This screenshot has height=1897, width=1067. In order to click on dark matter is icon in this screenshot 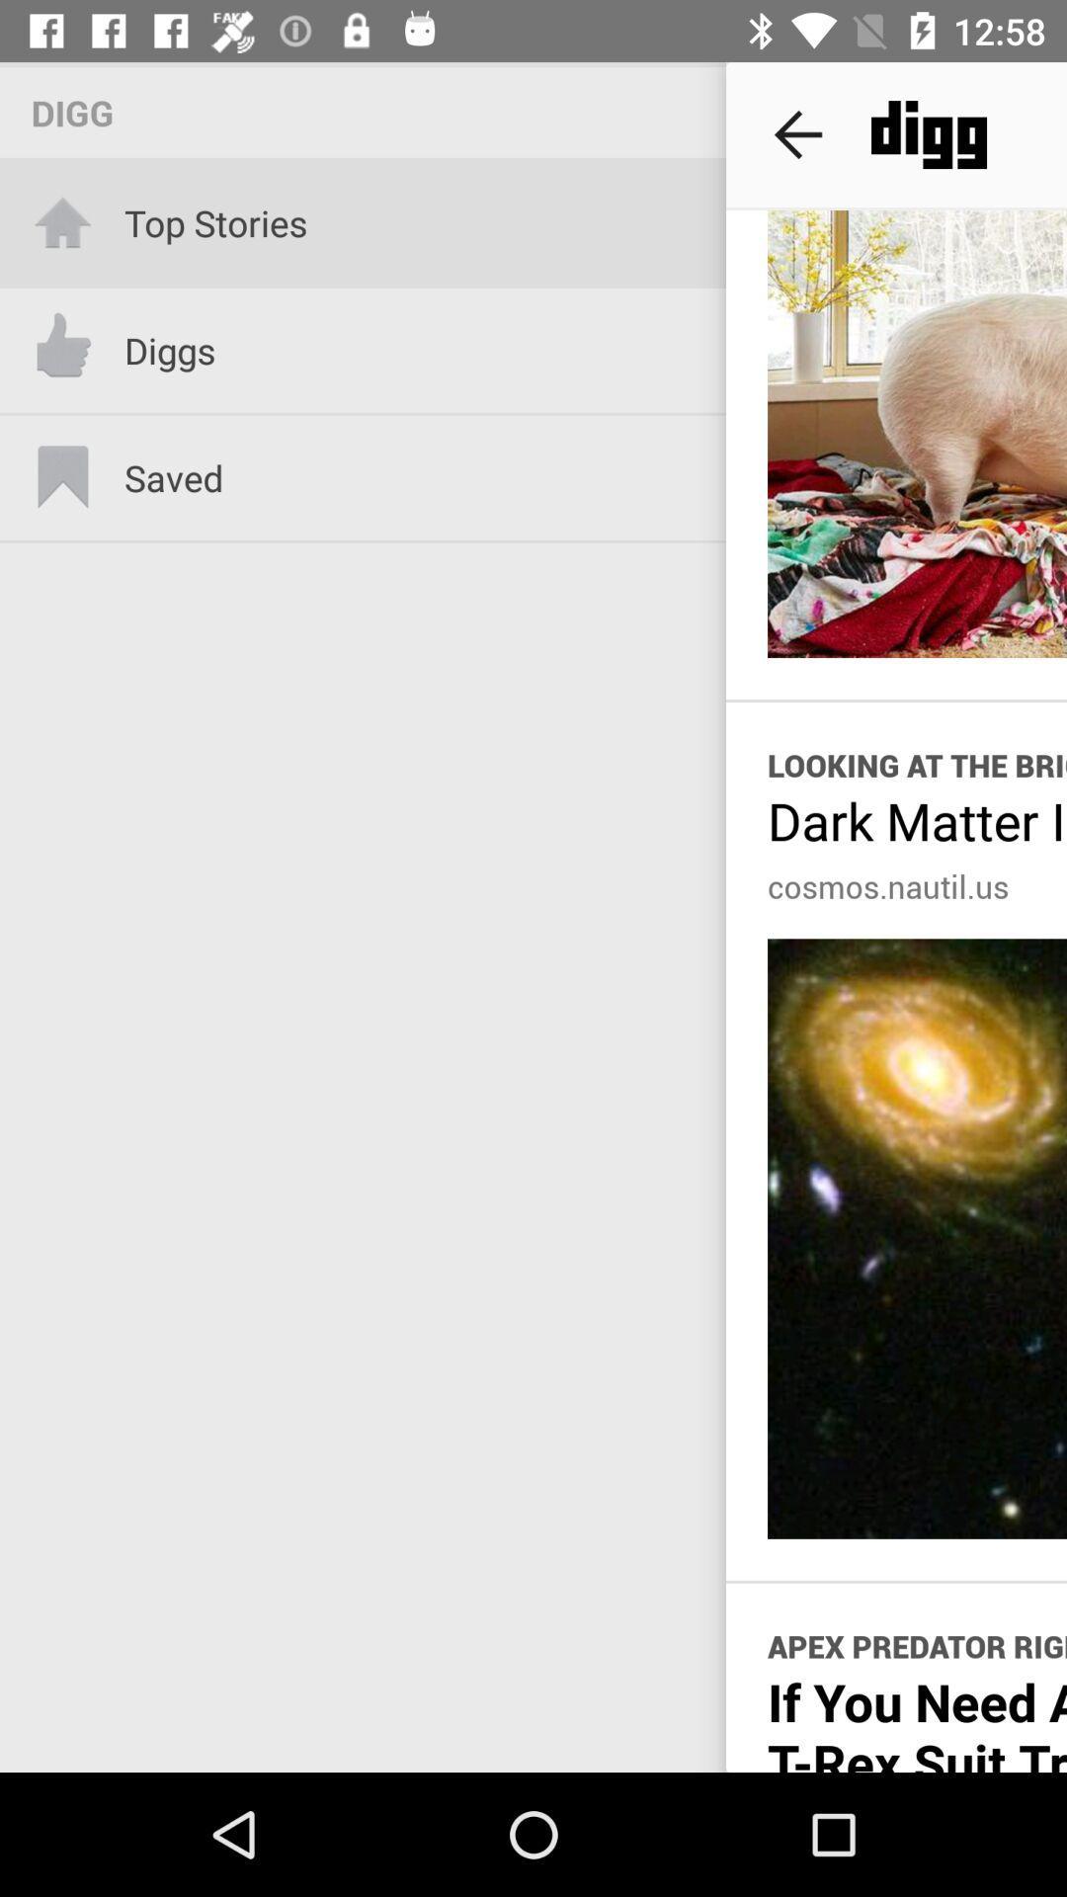, I will do `click(917, 820)`.